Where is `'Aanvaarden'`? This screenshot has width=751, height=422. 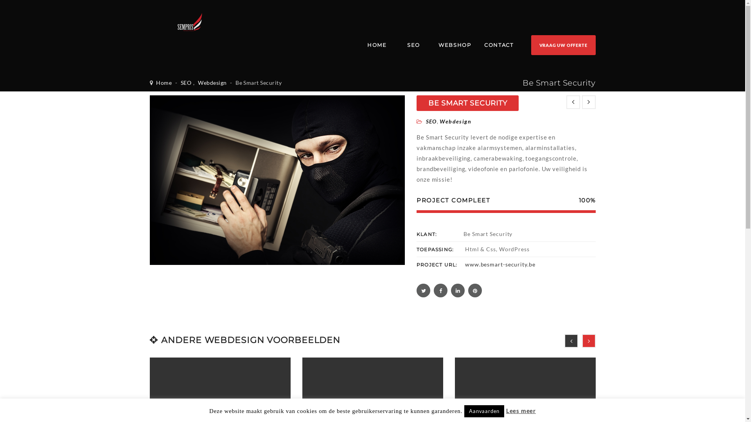 'Aanvaarden' is located at coordinates (464, 411).